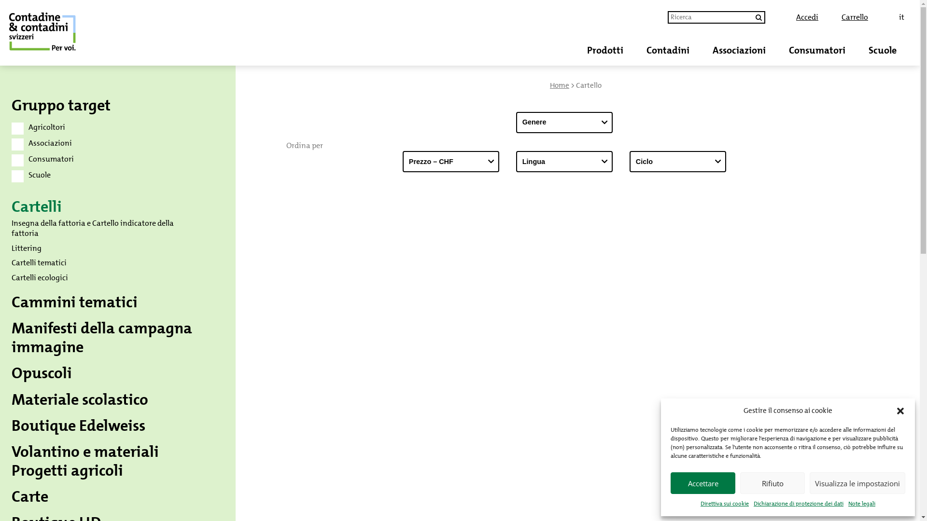 This screenshot has height=521, width=927. What do you see at coordinates (41, 372) in the screenshot?
I see `'Opuscoli'` at bounding box center [41, 372].